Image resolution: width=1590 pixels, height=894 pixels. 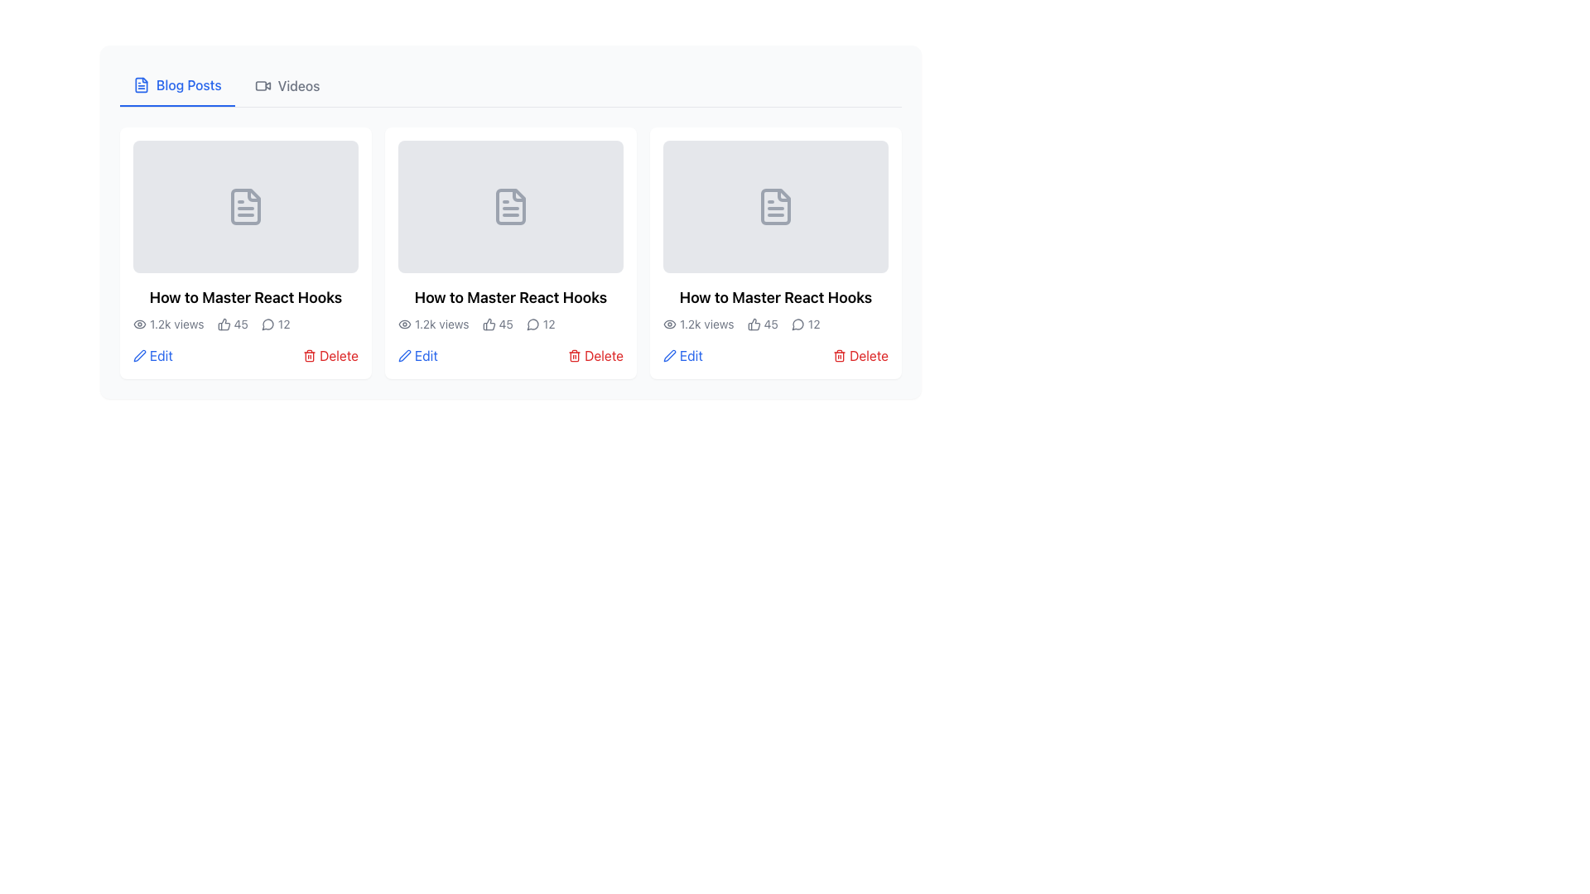 I want to click on the thumbs-up icon located in the lower section of a card interface, so click(x=753, y=324).